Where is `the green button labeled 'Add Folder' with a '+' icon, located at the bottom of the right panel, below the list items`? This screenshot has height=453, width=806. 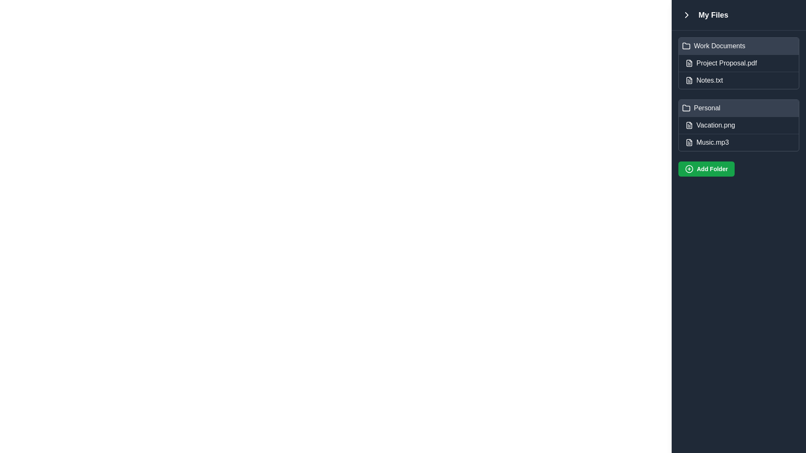
the green button labeled 'Add Folder' with a '+' icon, located at the bottom of the right panel, below the list items is located at coordinates (706, 169).